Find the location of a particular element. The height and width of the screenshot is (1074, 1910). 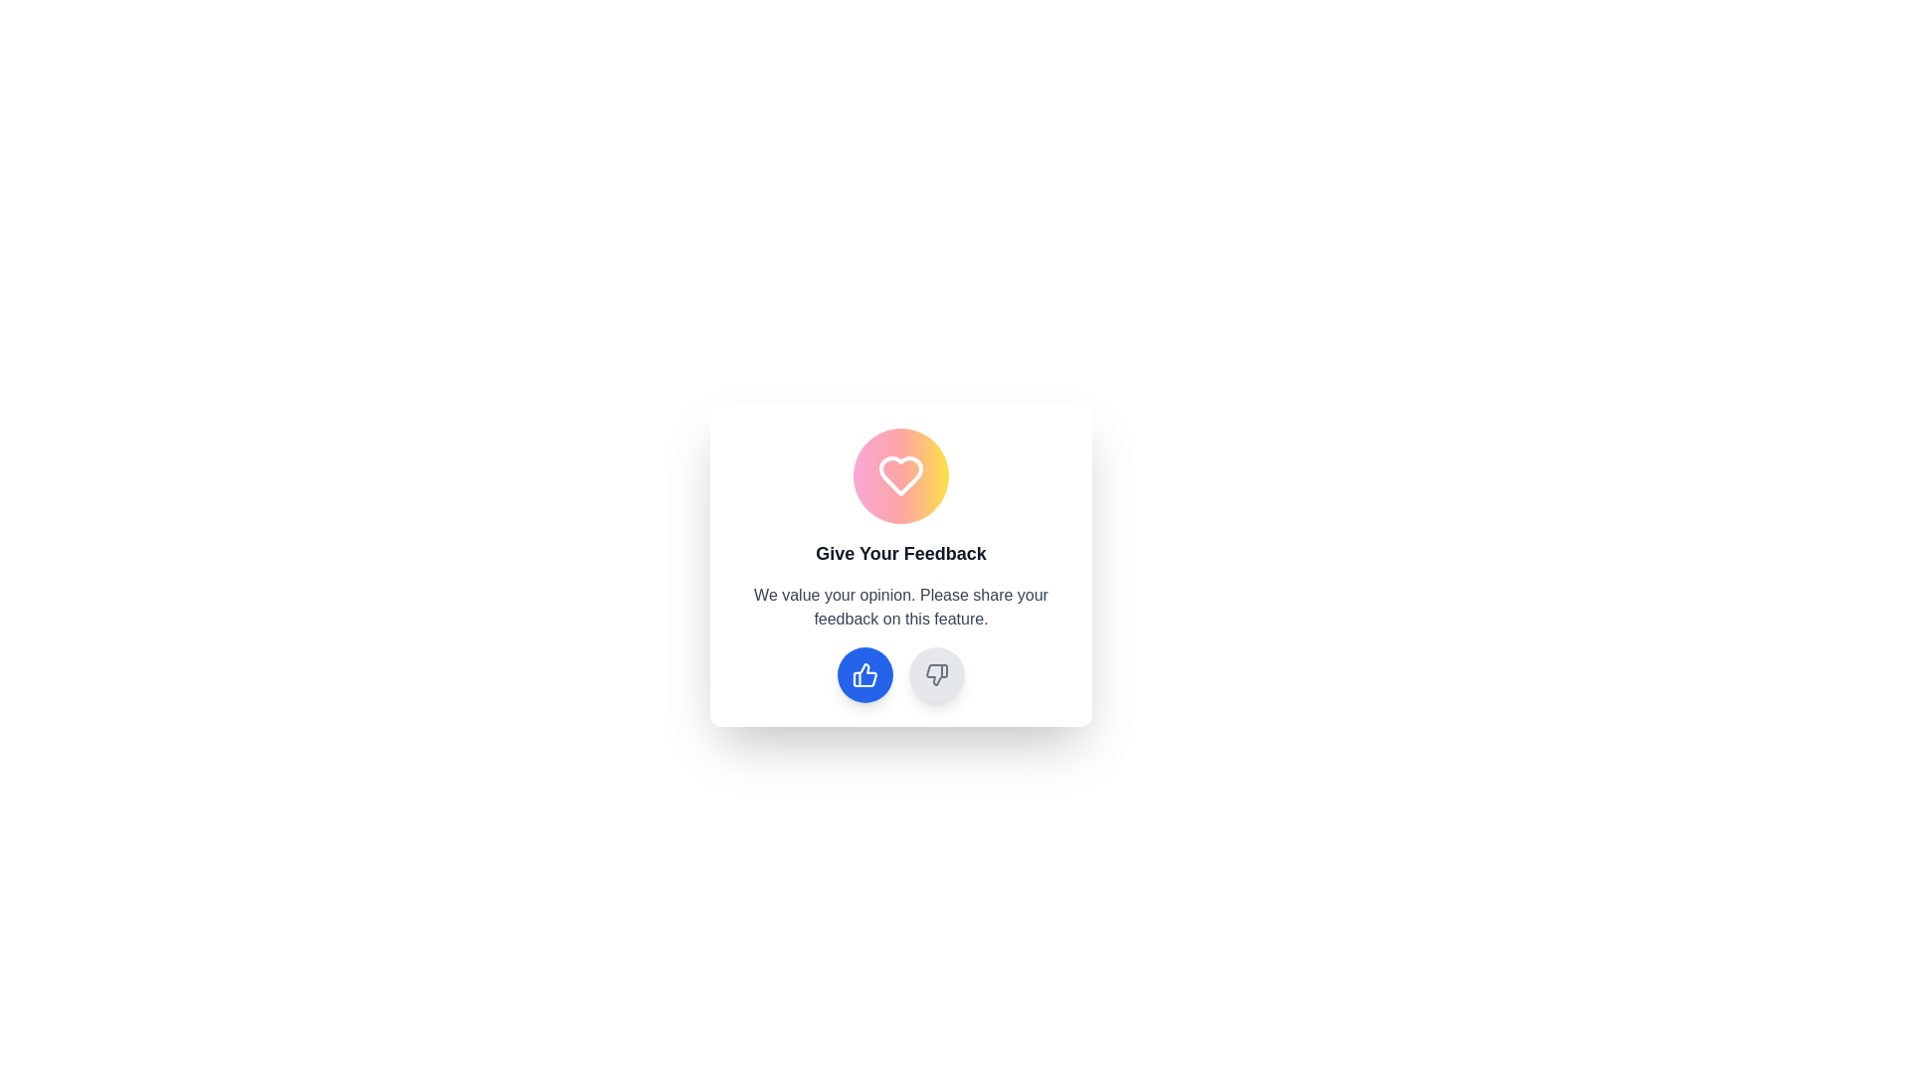

the heart decorative icon located at the top center of the 'Give Your Feedback' modal interface, which enhances the visual appeal and symbolizes user sentiment is located at coordinates (900, 475).